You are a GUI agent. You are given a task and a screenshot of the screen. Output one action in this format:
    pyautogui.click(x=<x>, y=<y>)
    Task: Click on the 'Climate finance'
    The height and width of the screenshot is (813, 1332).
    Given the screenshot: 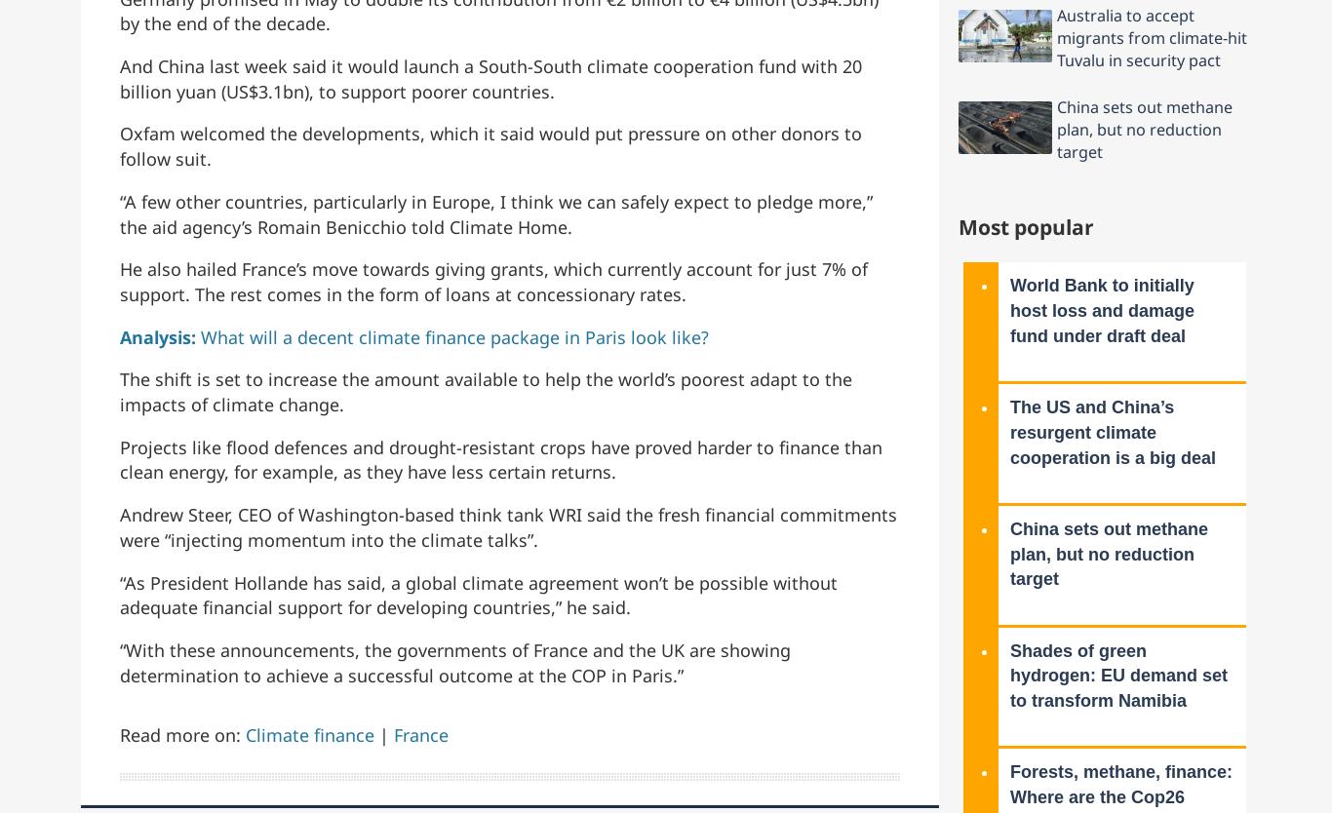 What is the action you would take?
    pyautogui.click(x=310, y=735)
    